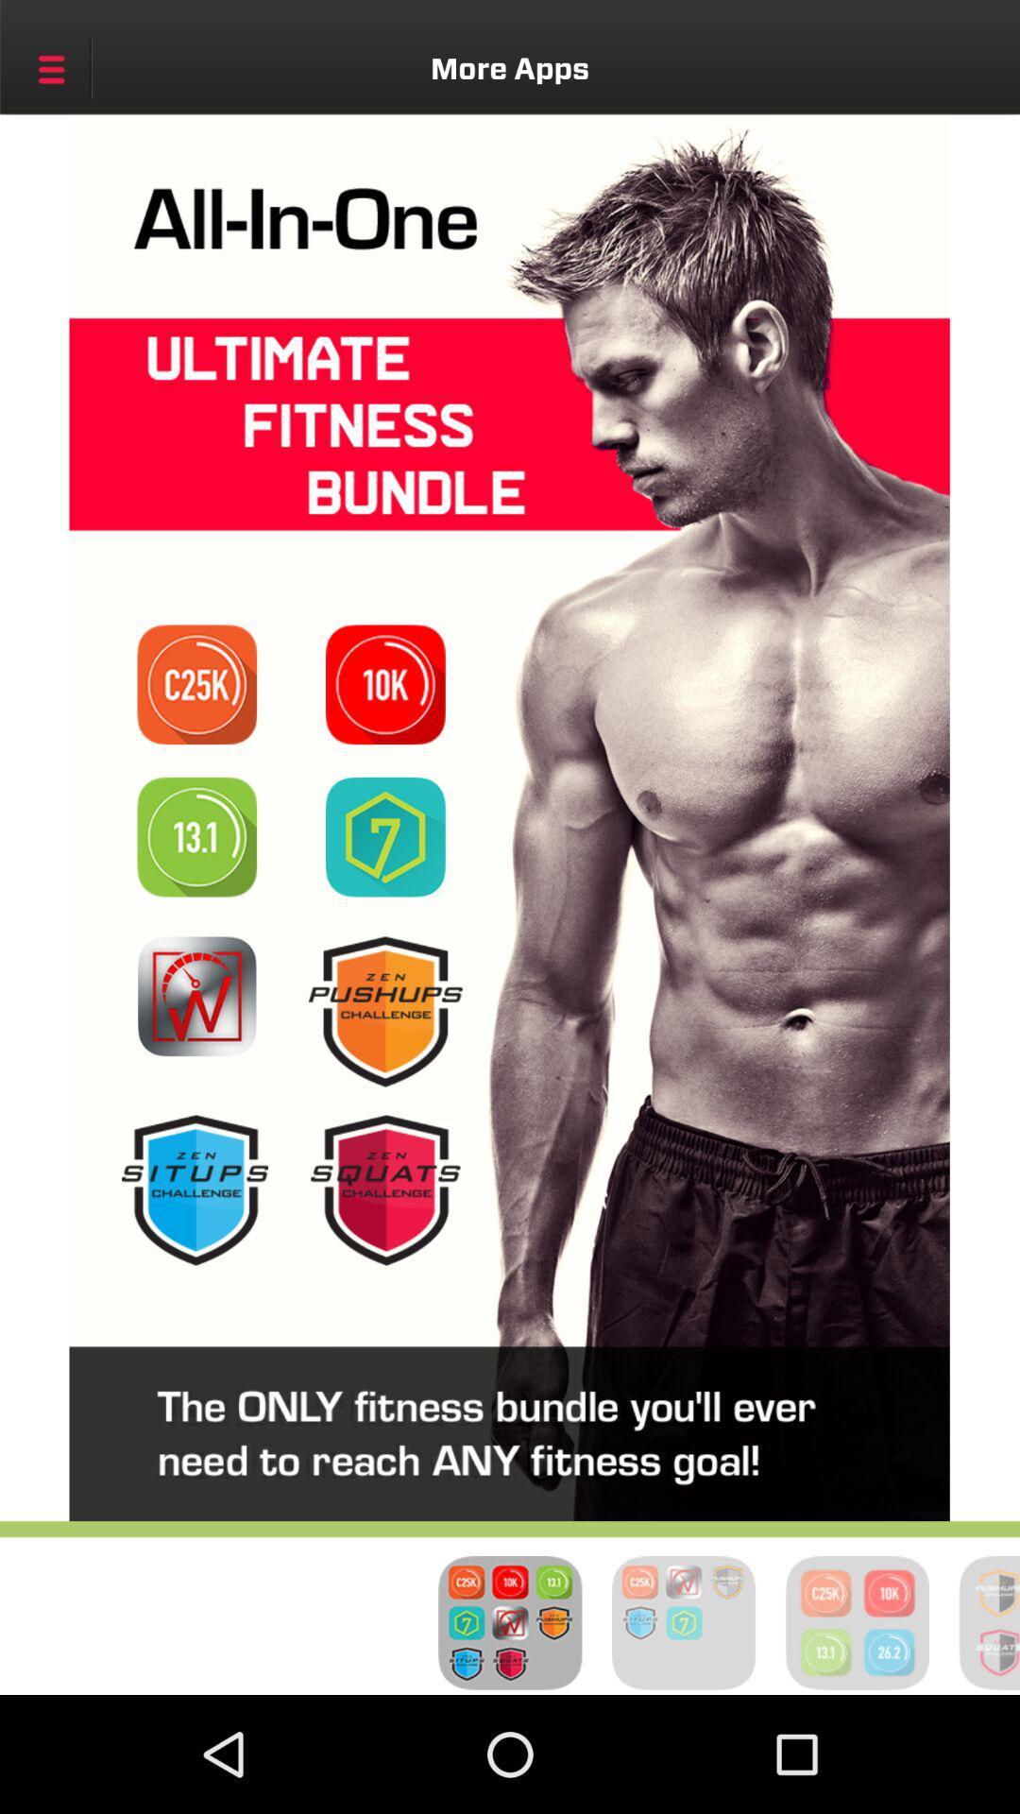 This screenshot has width=1020, height=1814. What do you see at coordinates (384, 836) in the screenshot?
I see `bundle` at bounding box center [384, 836].